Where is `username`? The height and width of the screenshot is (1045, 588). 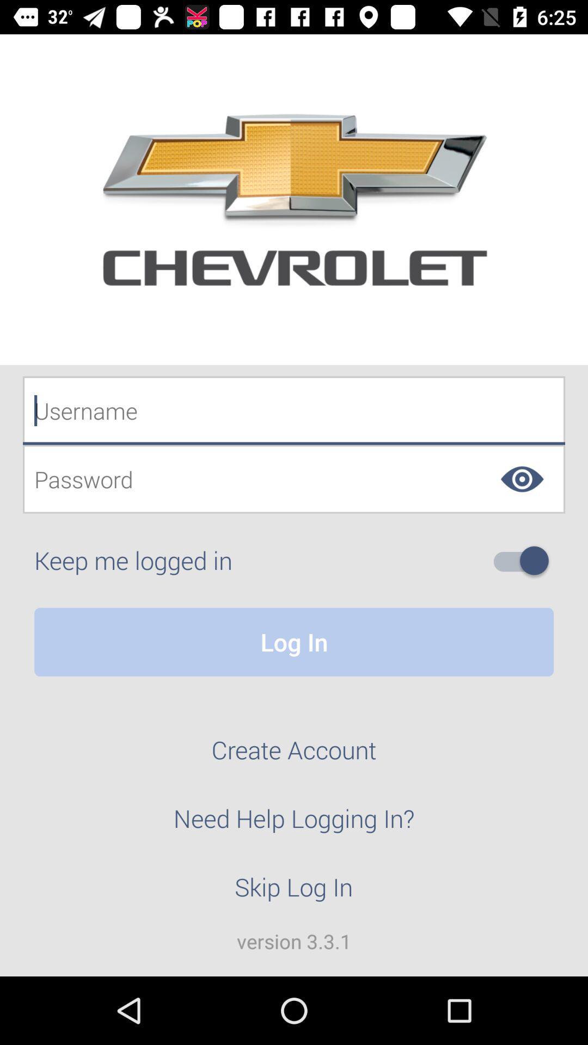
username is located at coordinates (294, 410).